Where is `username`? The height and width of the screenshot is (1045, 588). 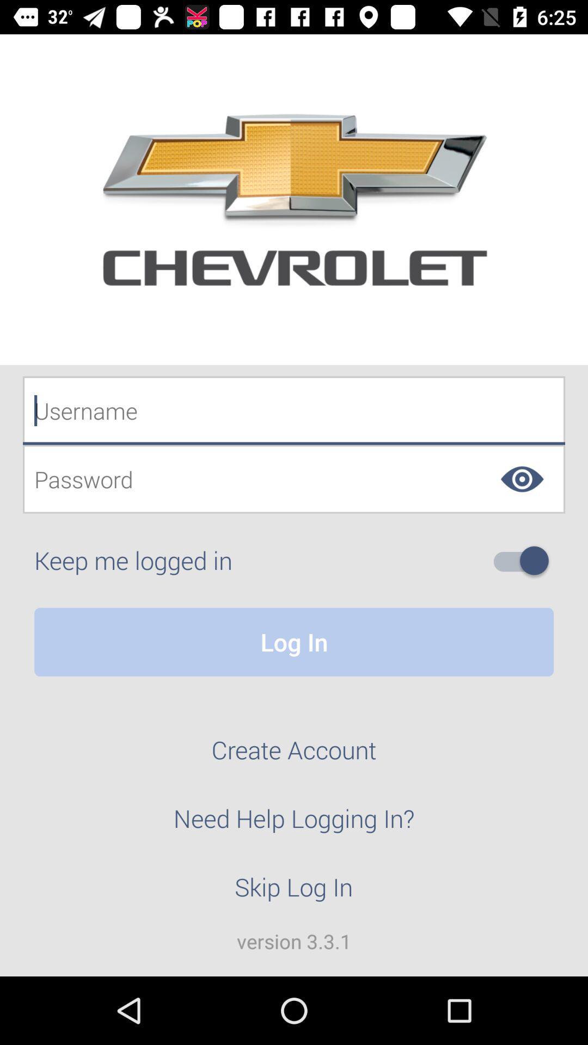
username is located at coordinates (294, 410).